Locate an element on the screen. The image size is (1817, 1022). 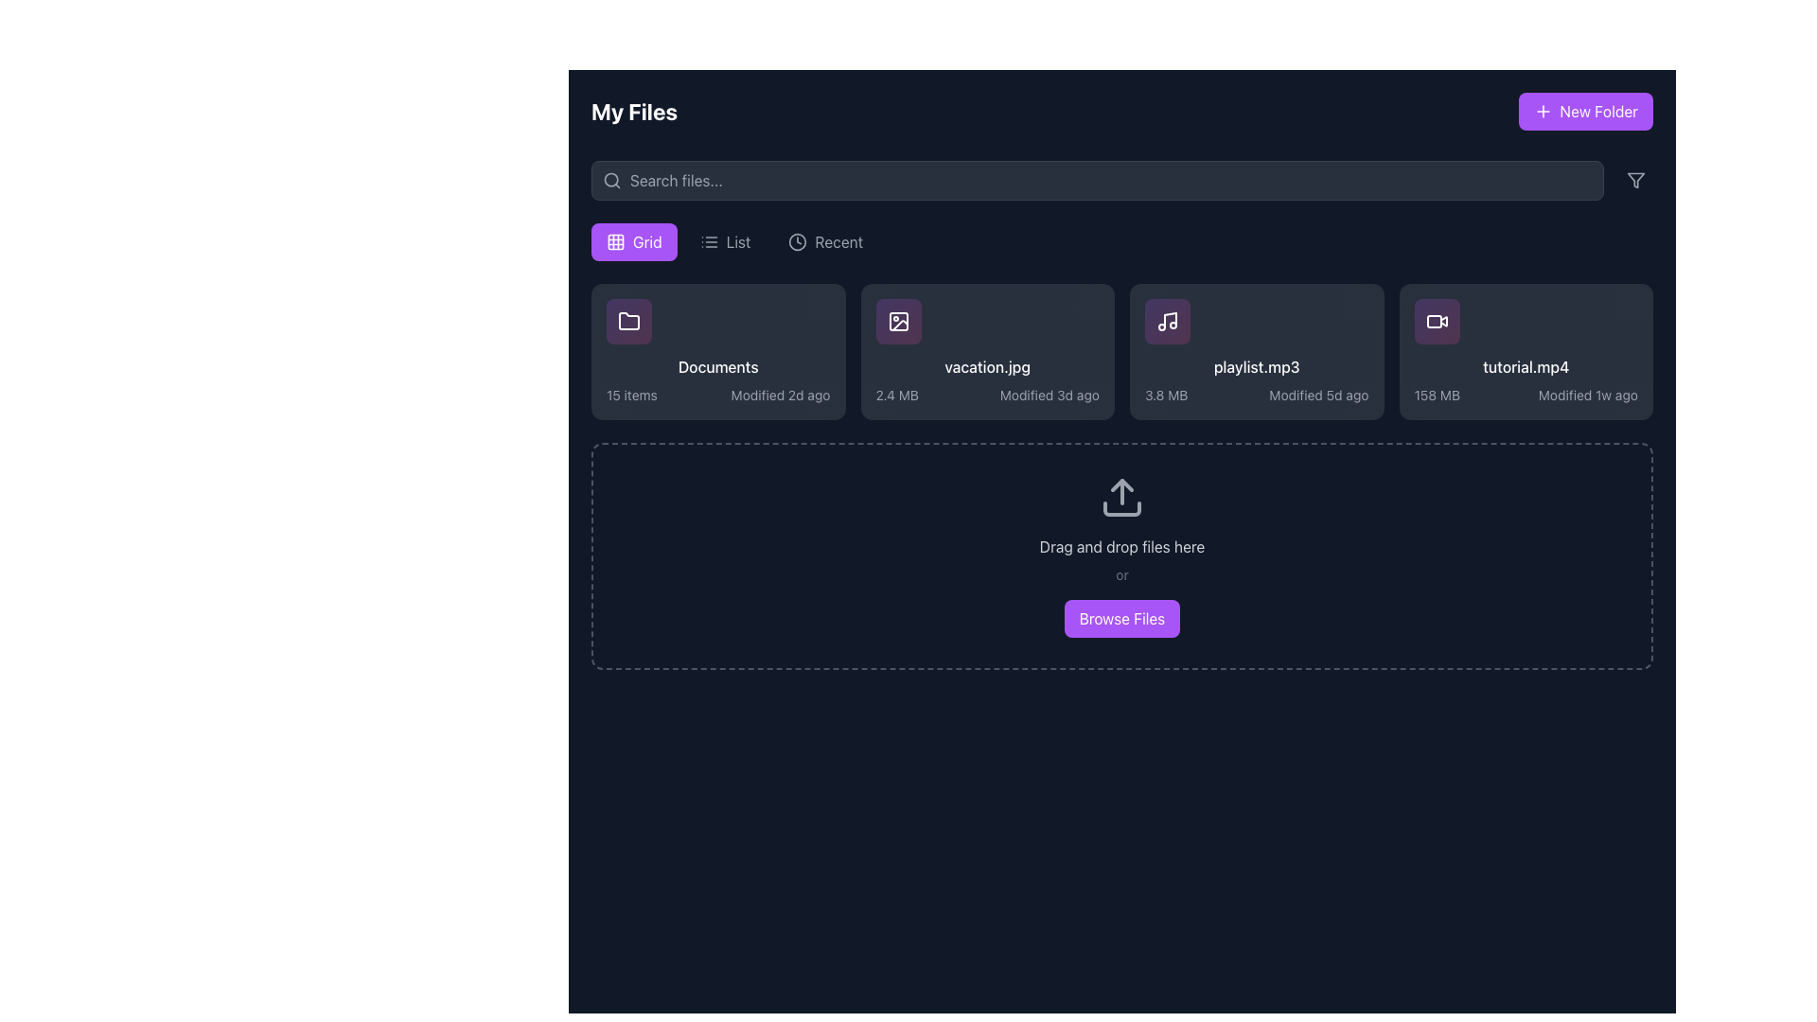
the image preview button located to the right of the 'Documents' button in the file grid on the 'My Files' page is located at coordinates (897, 320).